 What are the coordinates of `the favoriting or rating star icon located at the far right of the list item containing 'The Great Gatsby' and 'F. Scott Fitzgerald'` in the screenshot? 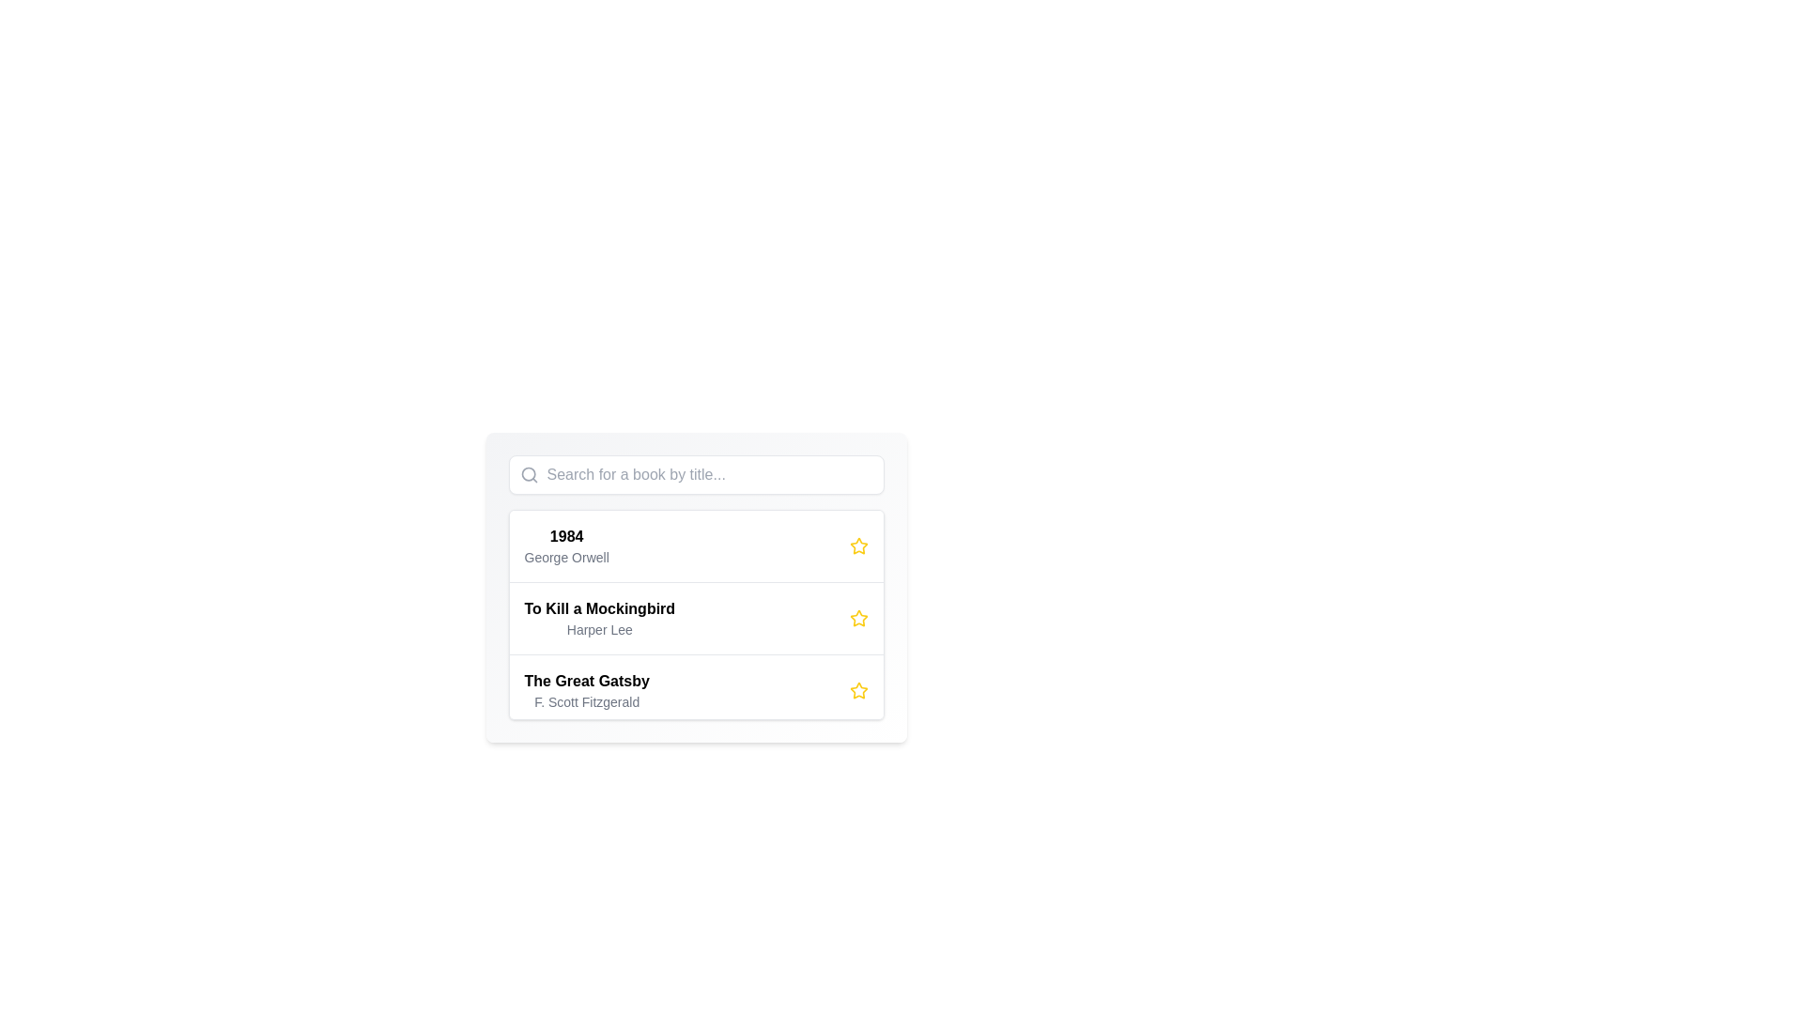 It's located at (857, 691).